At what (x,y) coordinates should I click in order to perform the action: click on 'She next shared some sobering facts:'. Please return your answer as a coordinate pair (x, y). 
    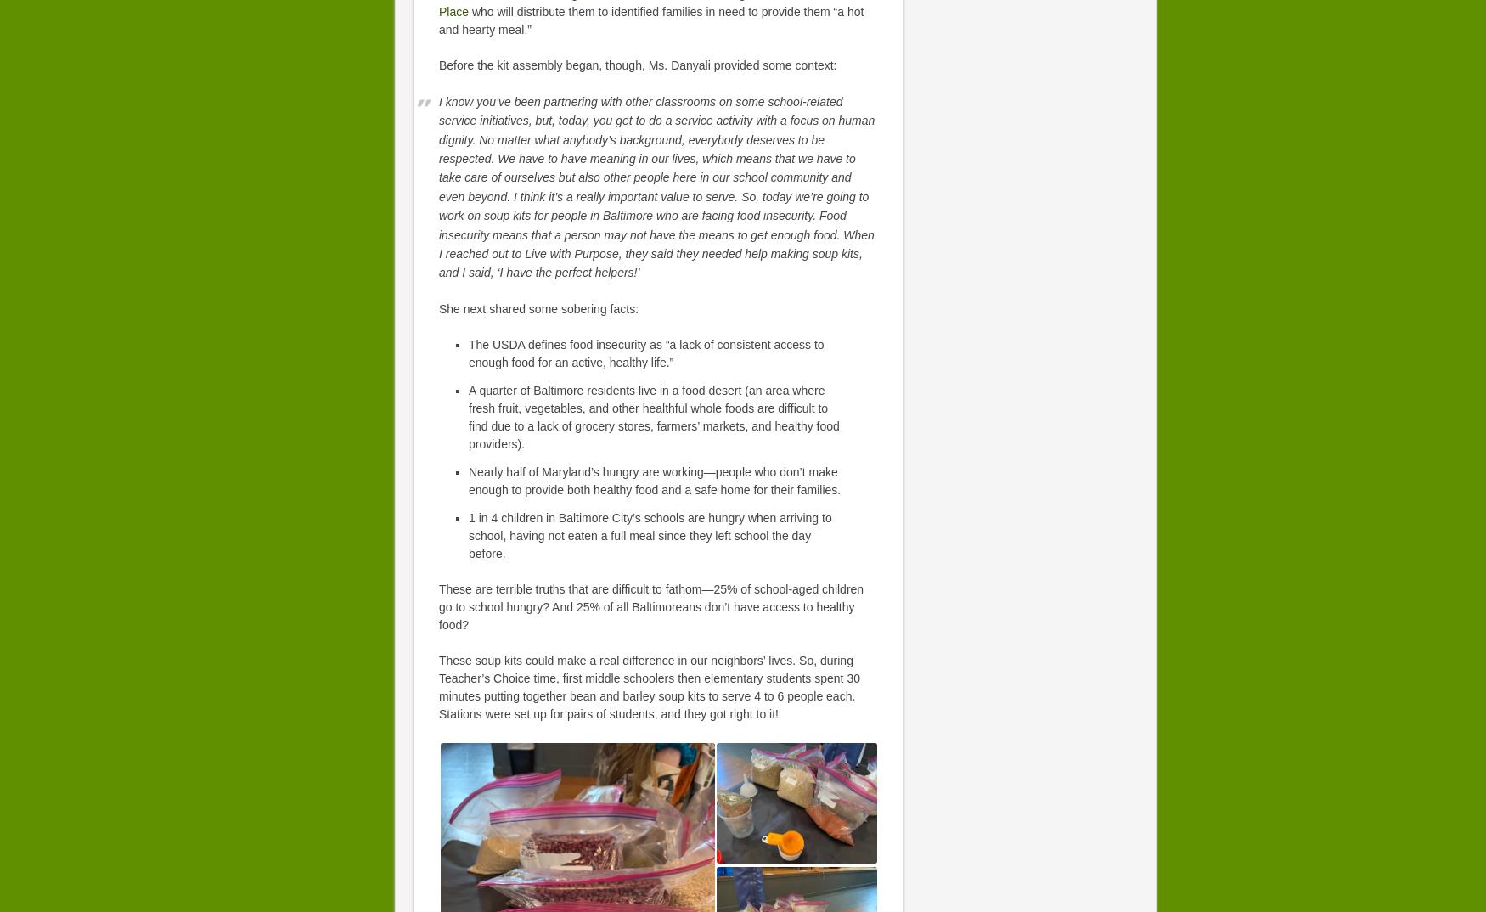
    Looking at the image, I should click on (538, 307).